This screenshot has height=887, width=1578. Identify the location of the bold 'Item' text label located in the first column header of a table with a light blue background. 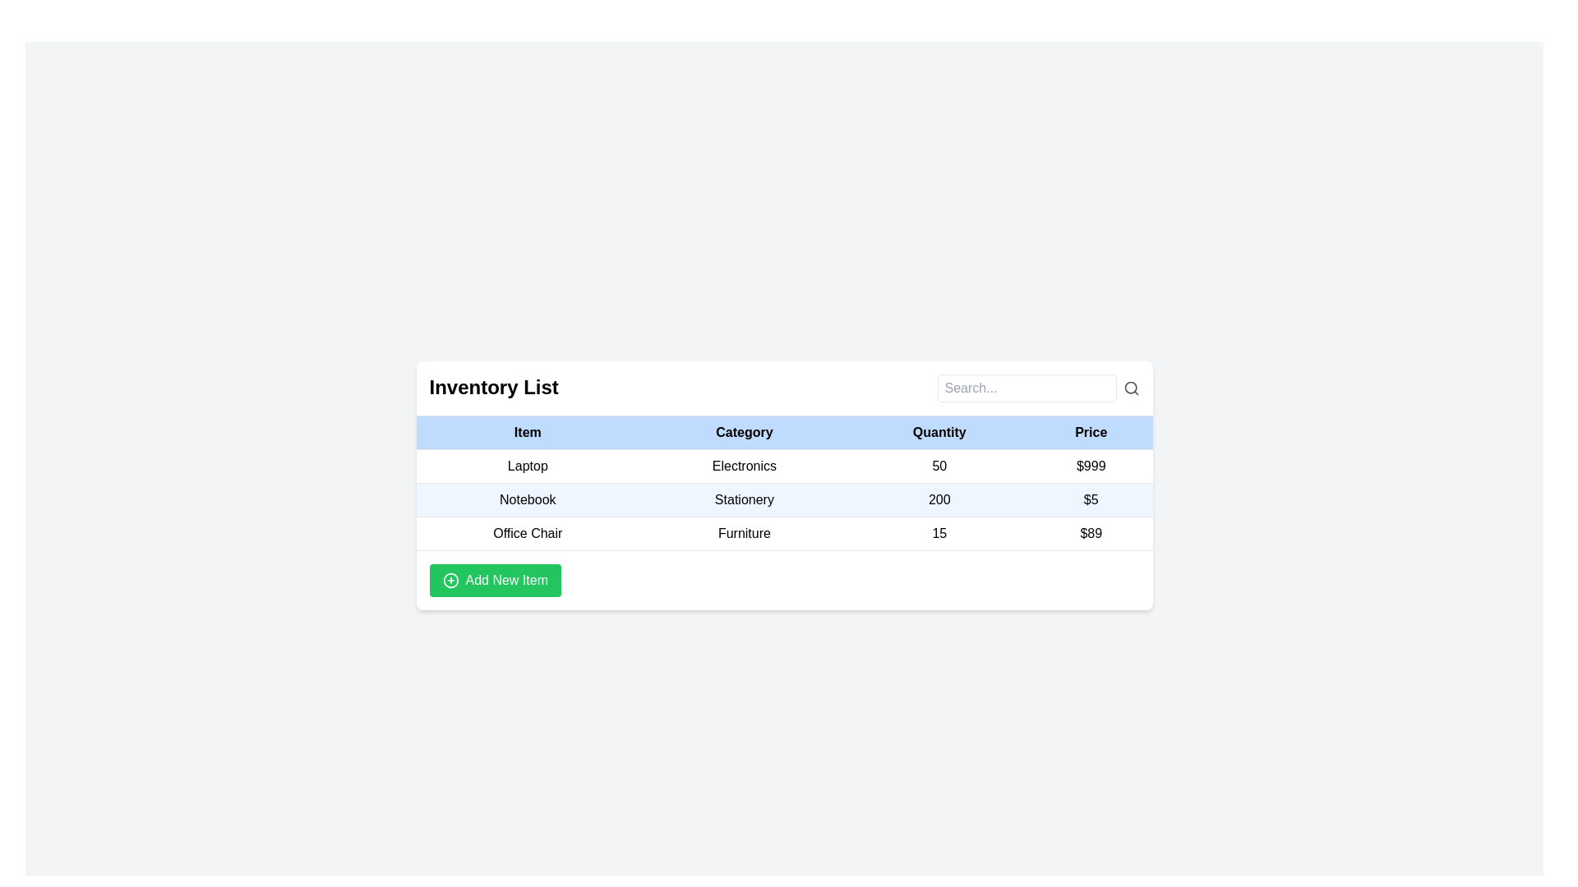
(528, 431).